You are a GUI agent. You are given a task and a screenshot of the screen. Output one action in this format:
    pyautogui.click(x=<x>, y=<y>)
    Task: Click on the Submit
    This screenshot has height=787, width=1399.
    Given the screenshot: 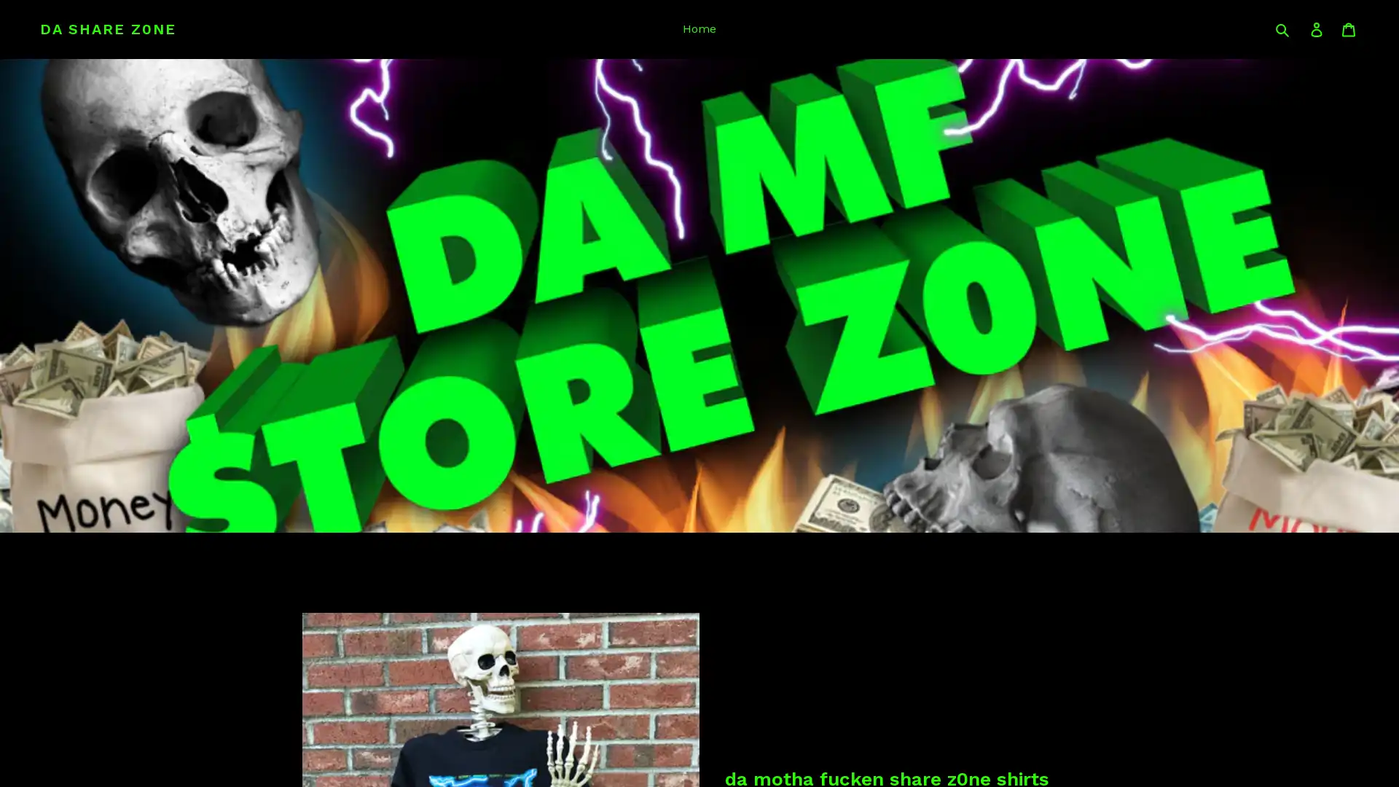 What is the action you would take?
    pyautogui.click(x=1283, y=28)
    